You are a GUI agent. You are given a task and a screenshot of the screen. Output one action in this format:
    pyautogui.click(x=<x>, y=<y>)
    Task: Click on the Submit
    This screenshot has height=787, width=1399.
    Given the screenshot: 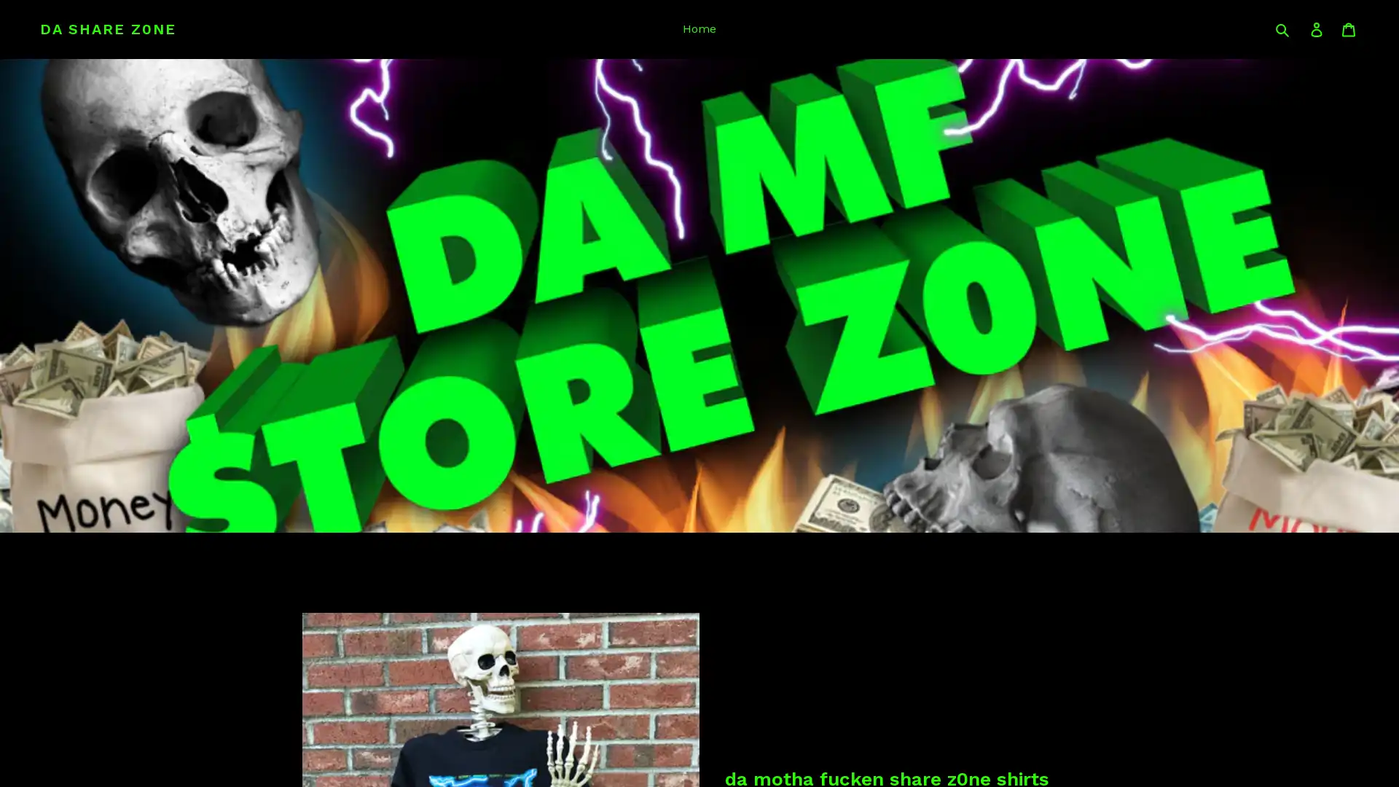 What is the action you would take?
    pyautogui.click(x=1283, y=28)
    